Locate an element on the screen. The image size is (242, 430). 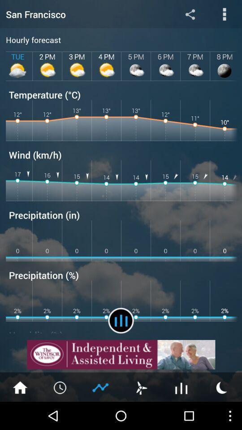
hourly display is located at coordinates (181, 387).